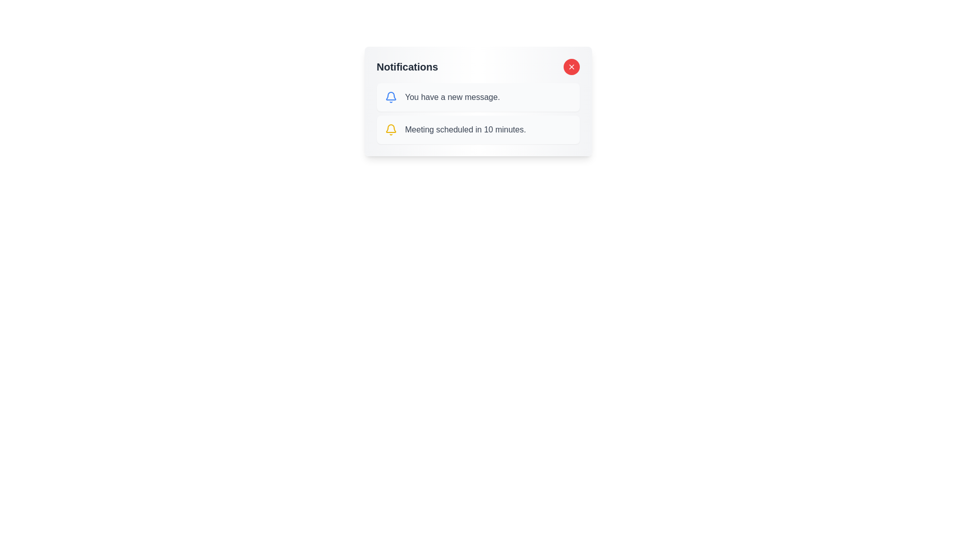 The width and height of the screenshot is (974, 548). What do you see at coordinates (390, 97) in the screenshot?
I see `the blue bell icon indicating a new message notification located next to the text 'You have a new message.'` at bounding box center [390, 97].